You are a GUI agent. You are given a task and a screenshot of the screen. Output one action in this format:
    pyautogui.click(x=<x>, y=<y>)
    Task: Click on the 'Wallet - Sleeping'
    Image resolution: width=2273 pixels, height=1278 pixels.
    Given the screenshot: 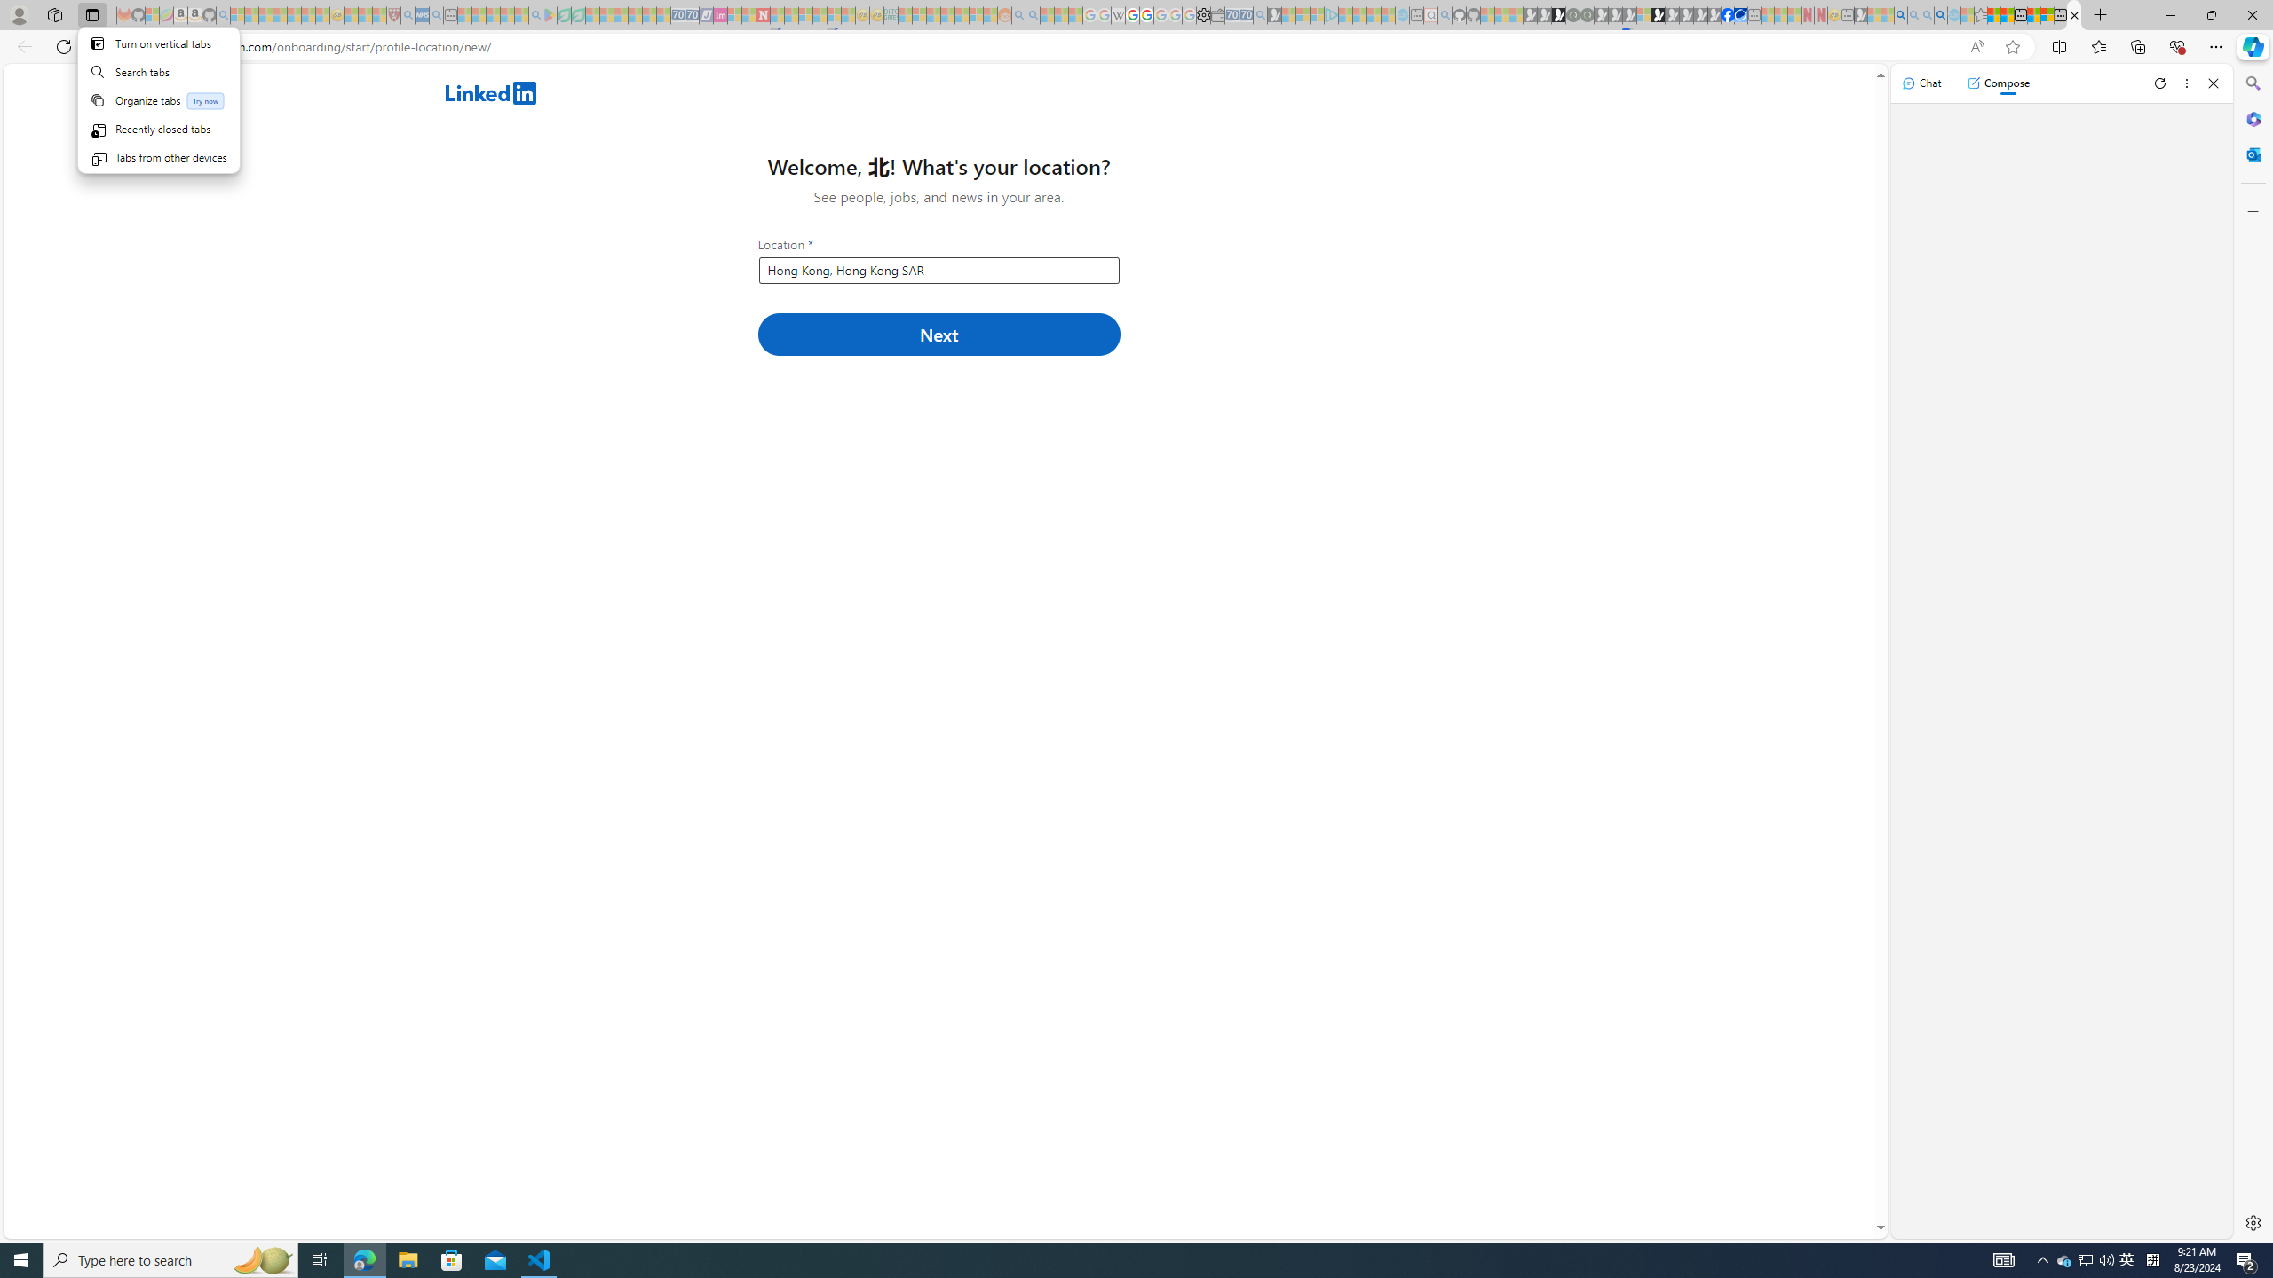 What is the action you would take?
    pyautogui.click(x=1216, y=14)
    